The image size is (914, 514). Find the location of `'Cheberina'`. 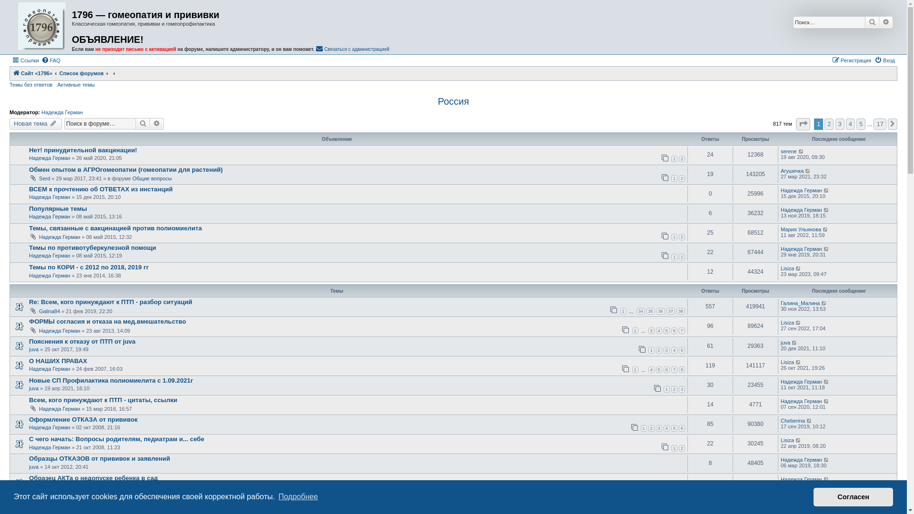

'Cheberina' is located at coordinates (793, 420).